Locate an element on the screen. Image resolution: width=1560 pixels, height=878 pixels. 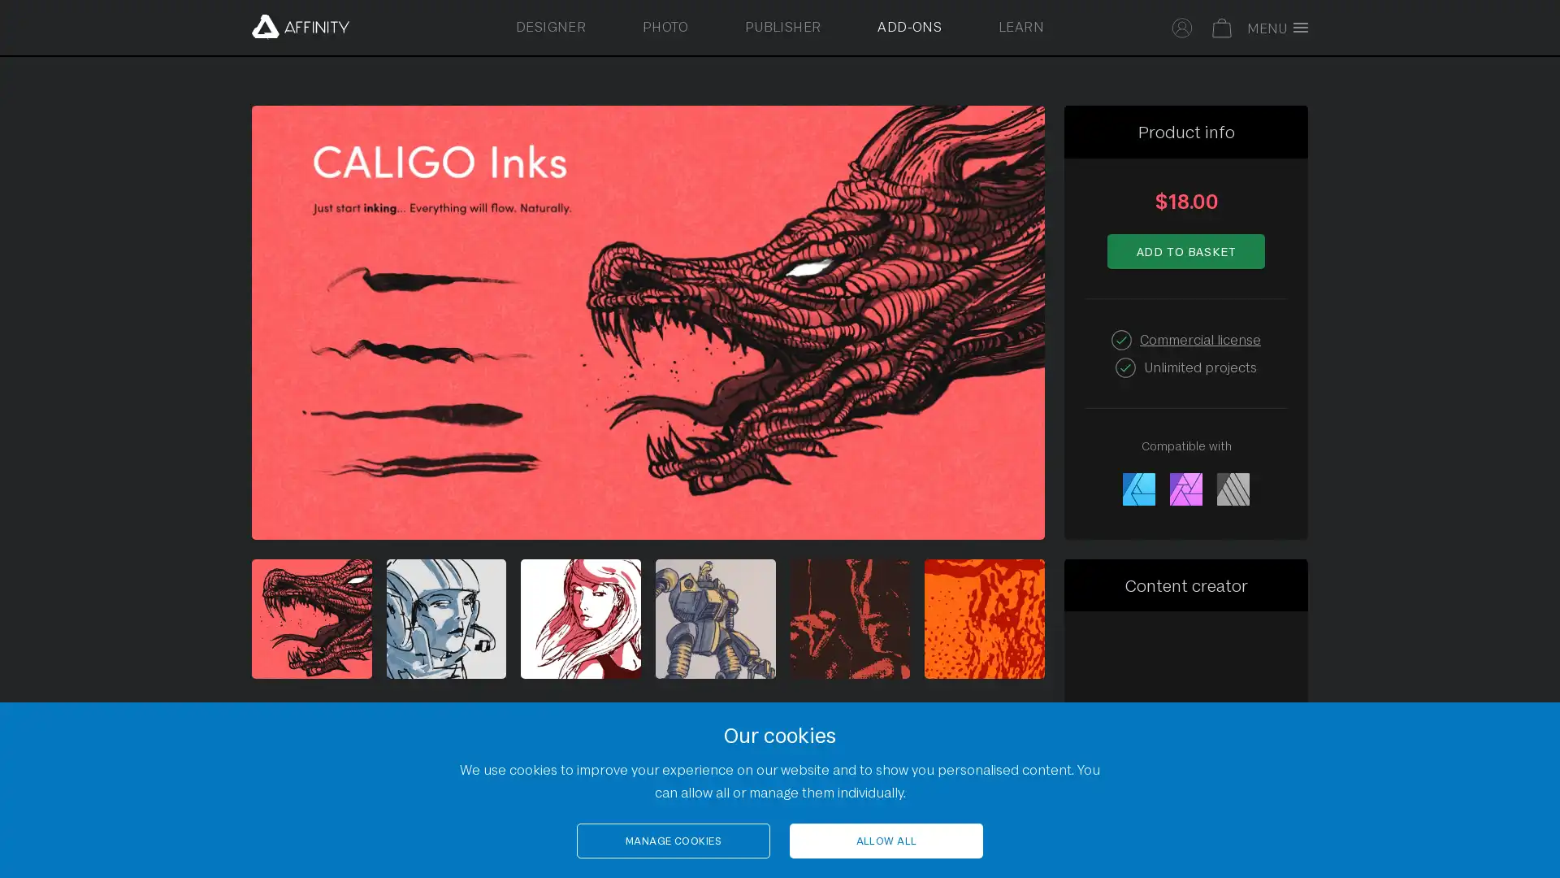
Select to view image 4 is located at coordinates (715, 618).